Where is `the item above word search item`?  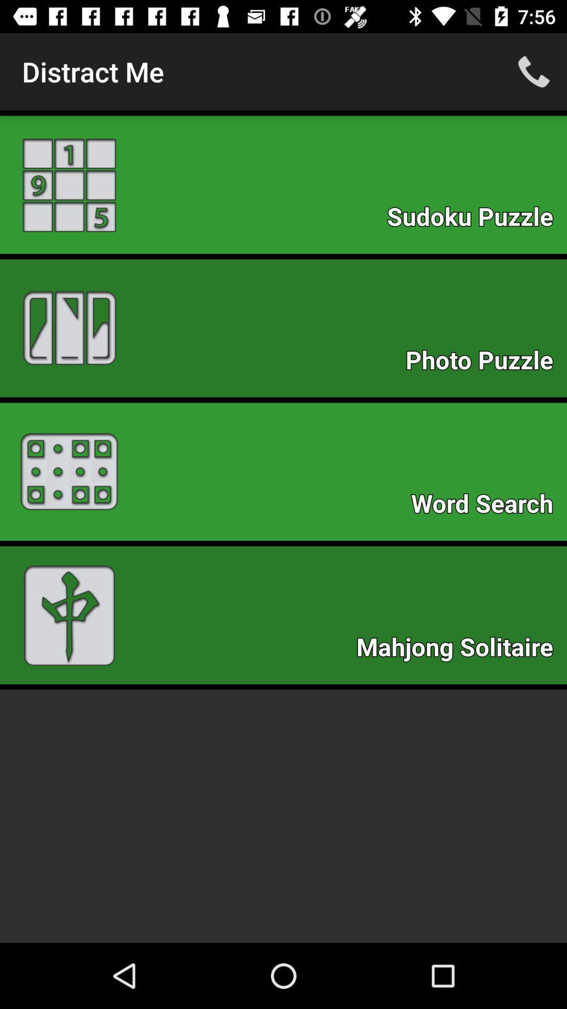
the item above word search item is located at coordinates (485, 363).